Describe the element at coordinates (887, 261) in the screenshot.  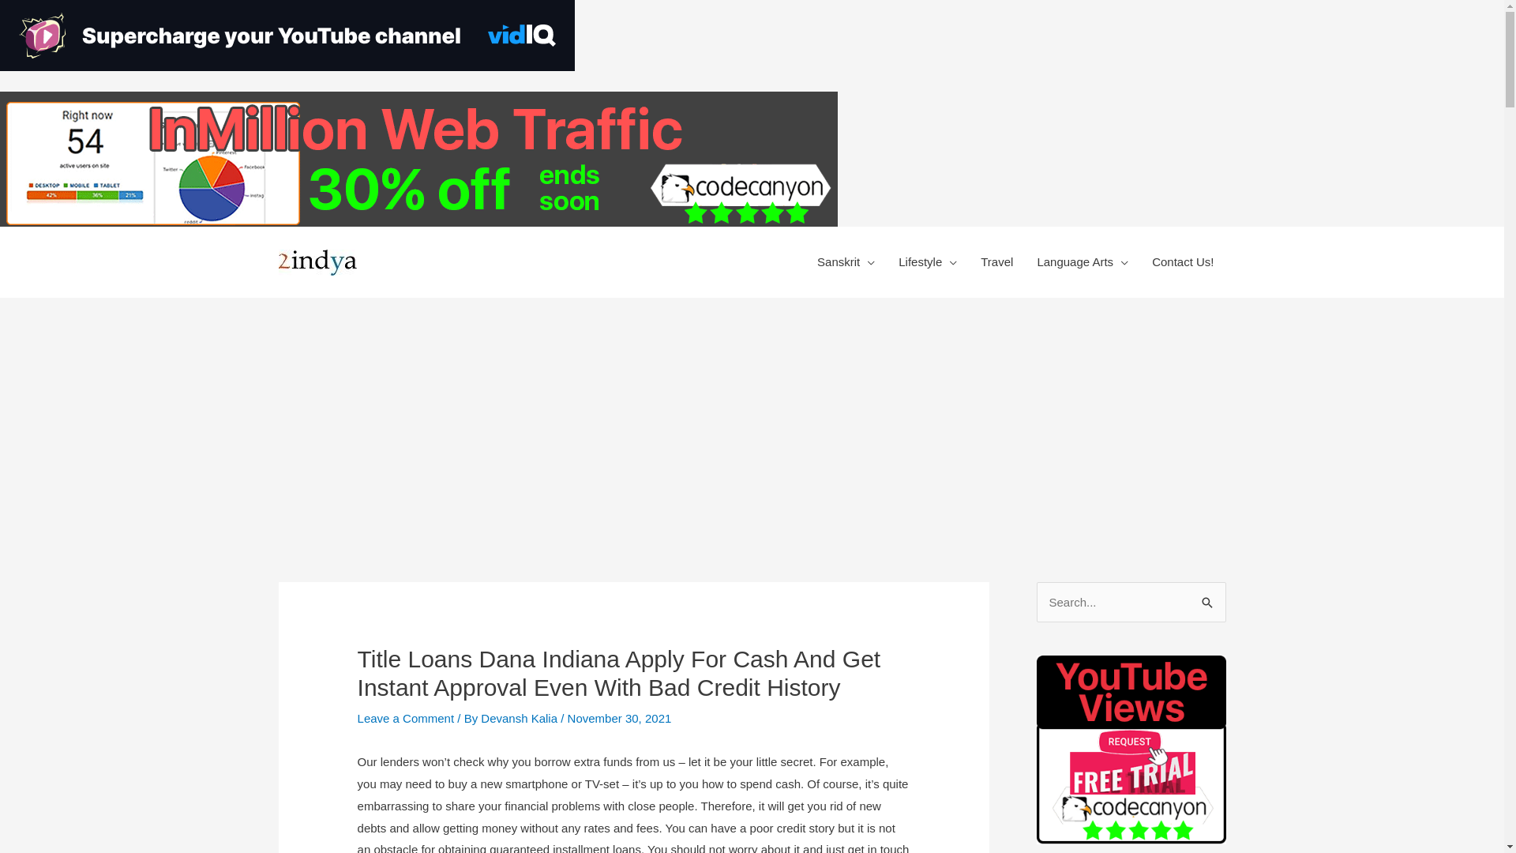
I see `'Lifestyle'` at that location.